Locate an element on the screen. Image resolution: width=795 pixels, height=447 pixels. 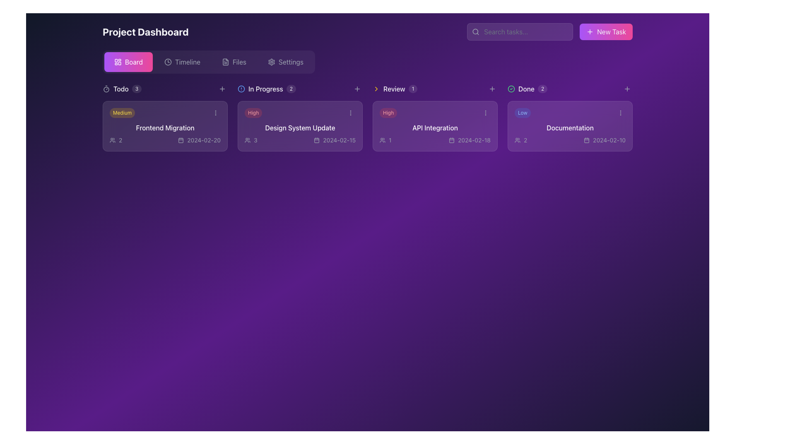
the circular graphical element within the SVG that represents a timer or stopwatch, located in the top-left portion of the interface near the 'Todo' label is located at coordinates (106, 89).